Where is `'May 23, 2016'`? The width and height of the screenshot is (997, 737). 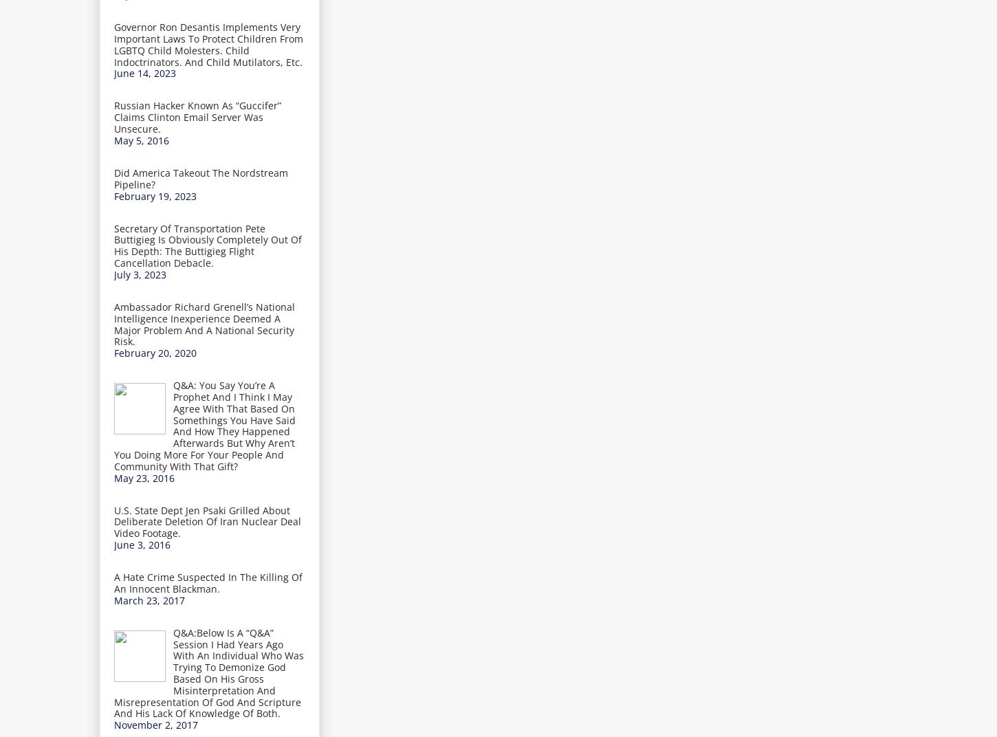 'May 23, 2016' is located at coordinates (143, 476).